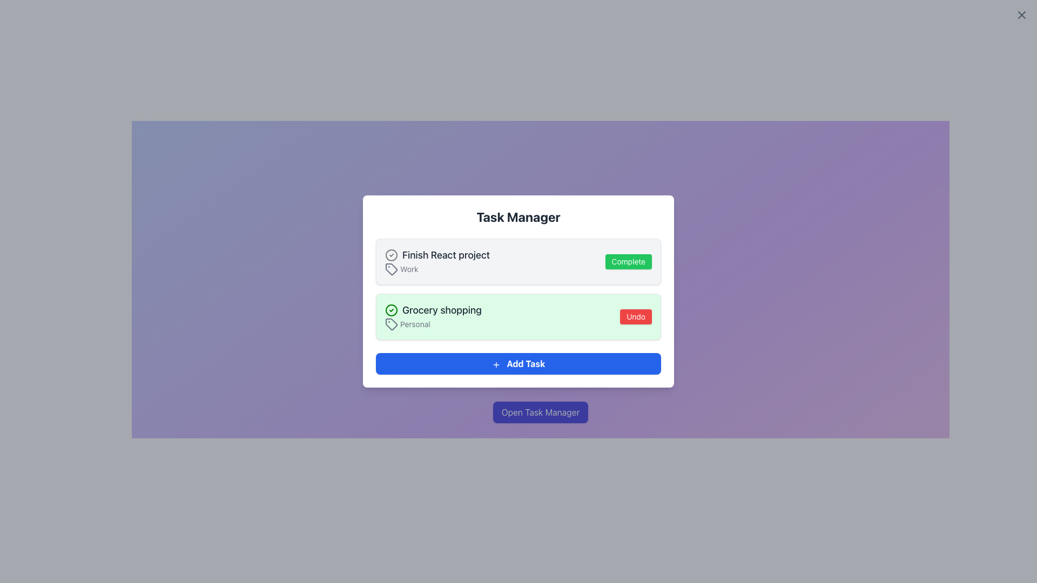 This screenshot has width=1037, height=583. Describe the element at coordinates (390, 324) in the screenshot. I see `the tag icon located in the left section of the 'Grocery shopping' task item, which features a line-drawn border and a small circular detail, positioned to the left of the text label 'Personal'` at that location.